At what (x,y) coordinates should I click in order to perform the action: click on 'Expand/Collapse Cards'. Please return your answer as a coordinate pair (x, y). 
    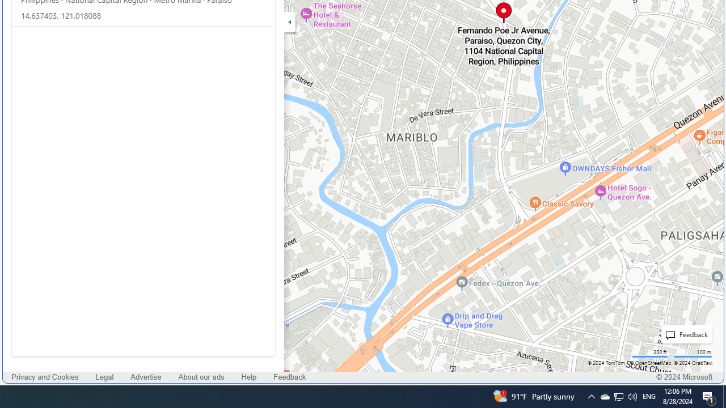
    Looking at the image, I should click on (289, 22).